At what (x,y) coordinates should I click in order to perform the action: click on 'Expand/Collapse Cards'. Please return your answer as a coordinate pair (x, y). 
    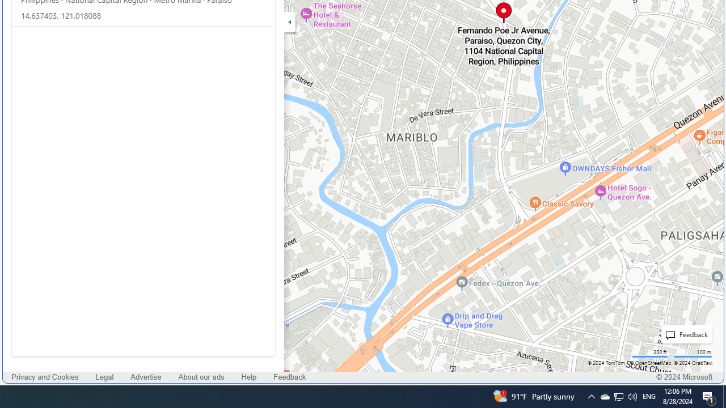
    Looking at the image, I should click on (289, 22).